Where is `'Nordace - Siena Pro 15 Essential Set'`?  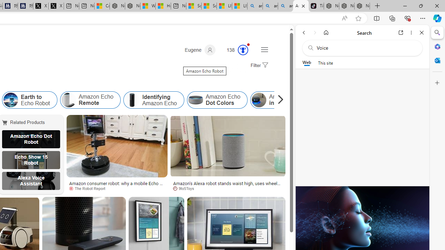
'Nordace - Siena Pro 15 Essential Set' is located at coordinates (362, 6).